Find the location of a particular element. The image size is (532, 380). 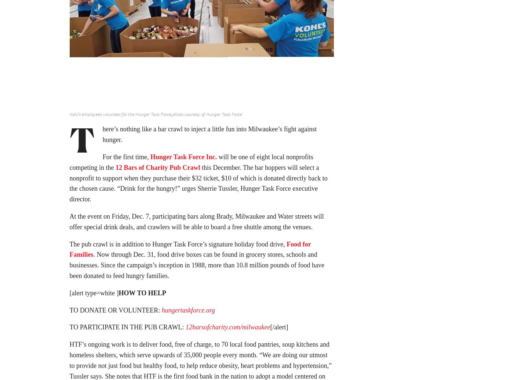

'. Now through Dec. 31, food drive boxes can be found in grocery stores, schools and businesses. Since the campaign’s inception in 1988, more than 10.8 million pounds of food have been donated to feed hungry families.' is located at coordinates (197, 267).